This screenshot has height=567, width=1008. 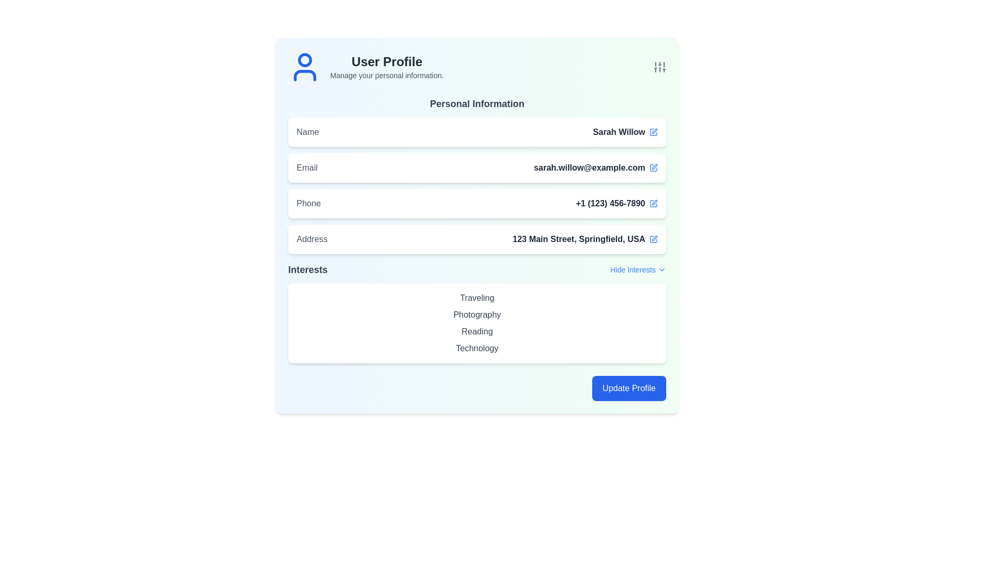 I want to click on the edit button icon located to the right of the phone number '+1 (123) 456-7890' in the 'Phone' section under 'Personal Information', so click(x=653, y=204).